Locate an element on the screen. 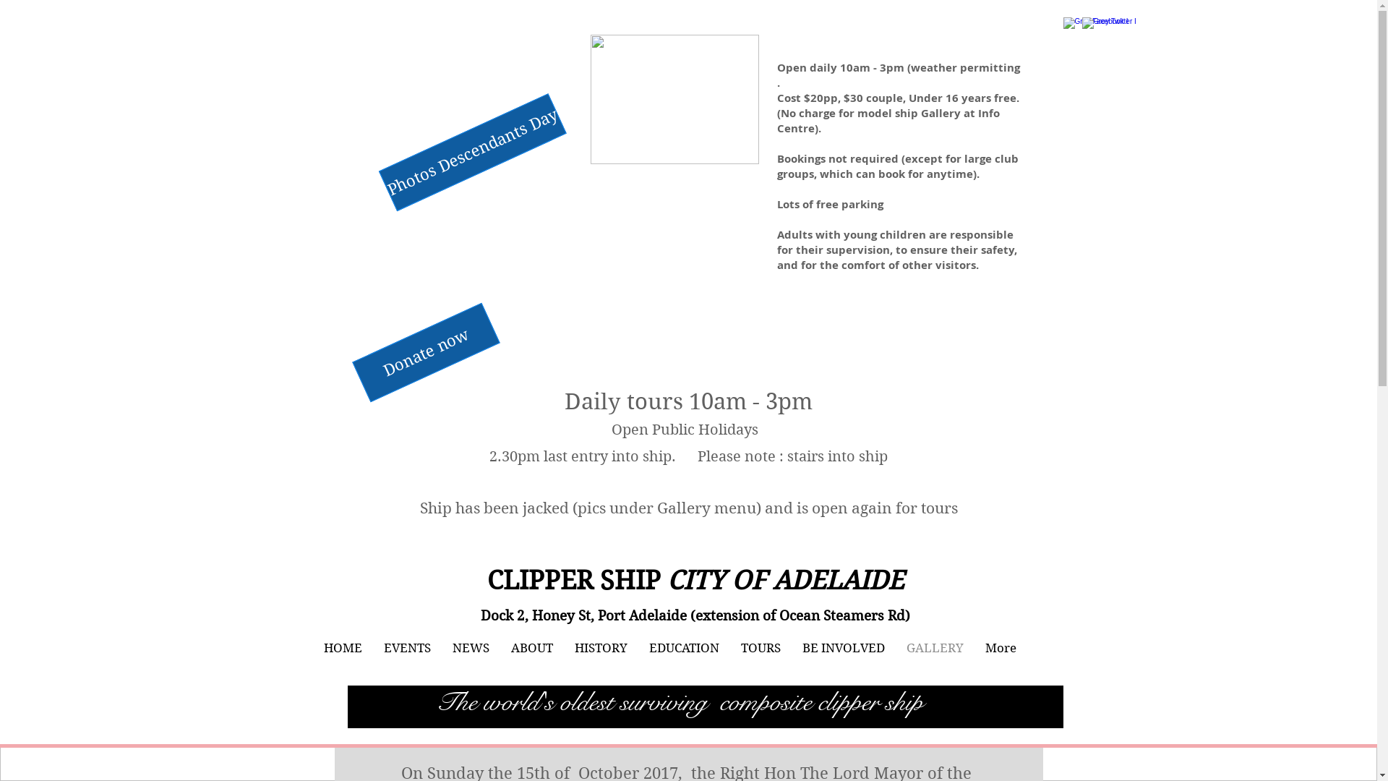 The width and height of the screenshot is (1388, 781). 'CLIPPER SHIP CITY OF ADELAIDE' is located at coordinates (695, 579).